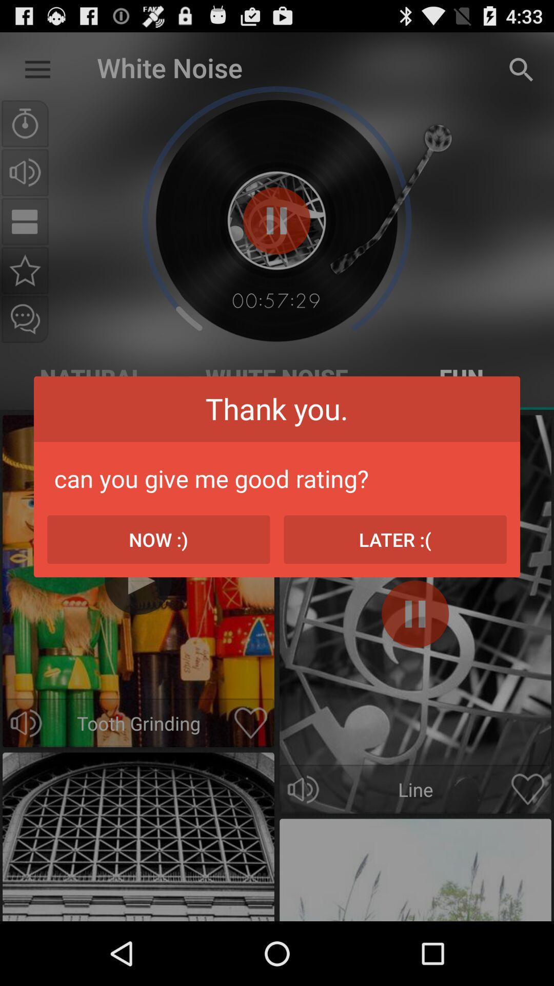  I want to click on the icon to the left of the later :(, so click(159, 539).